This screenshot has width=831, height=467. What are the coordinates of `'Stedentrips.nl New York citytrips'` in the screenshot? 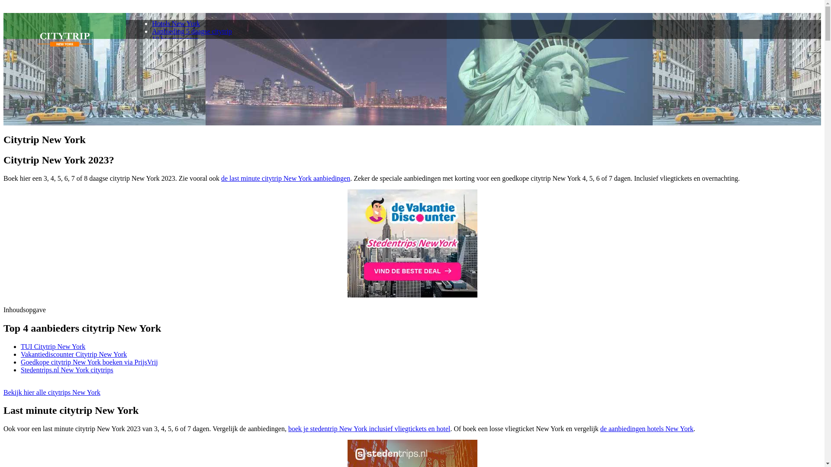 It's located at (66, 370).